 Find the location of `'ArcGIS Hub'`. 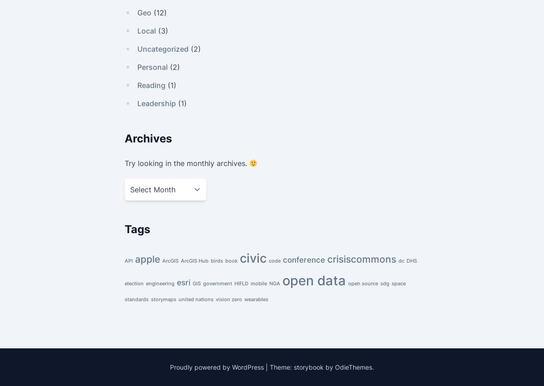

'ArcGIS Hub' is located at coordinates (194, 260).